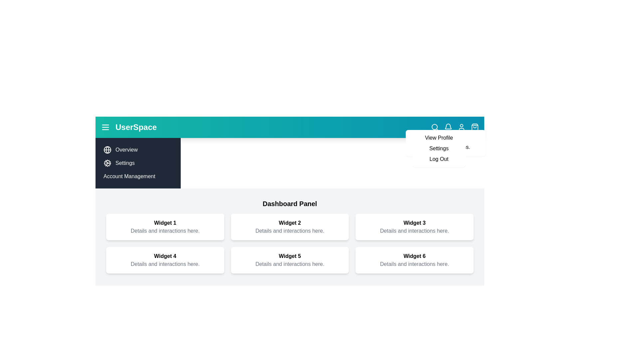 This screenshot has width=639, height=359. What do you see at coordinates (414, 260) in the screenshot?
I see `the interactive widget card for 'Widget 6' located` at bounding box center [414, 260].